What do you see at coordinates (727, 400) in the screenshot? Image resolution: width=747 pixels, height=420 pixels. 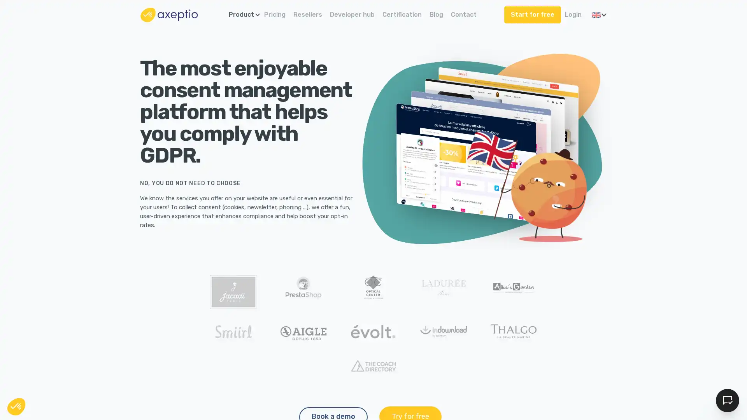 I see `Accept Cookies` at bounding box center [727, 400].